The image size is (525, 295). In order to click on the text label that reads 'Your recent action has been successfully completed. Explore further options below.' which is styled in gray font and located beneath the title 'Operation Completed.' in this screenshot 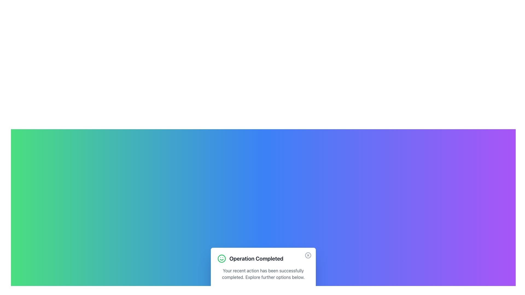, I will do `click(263, 274)`.